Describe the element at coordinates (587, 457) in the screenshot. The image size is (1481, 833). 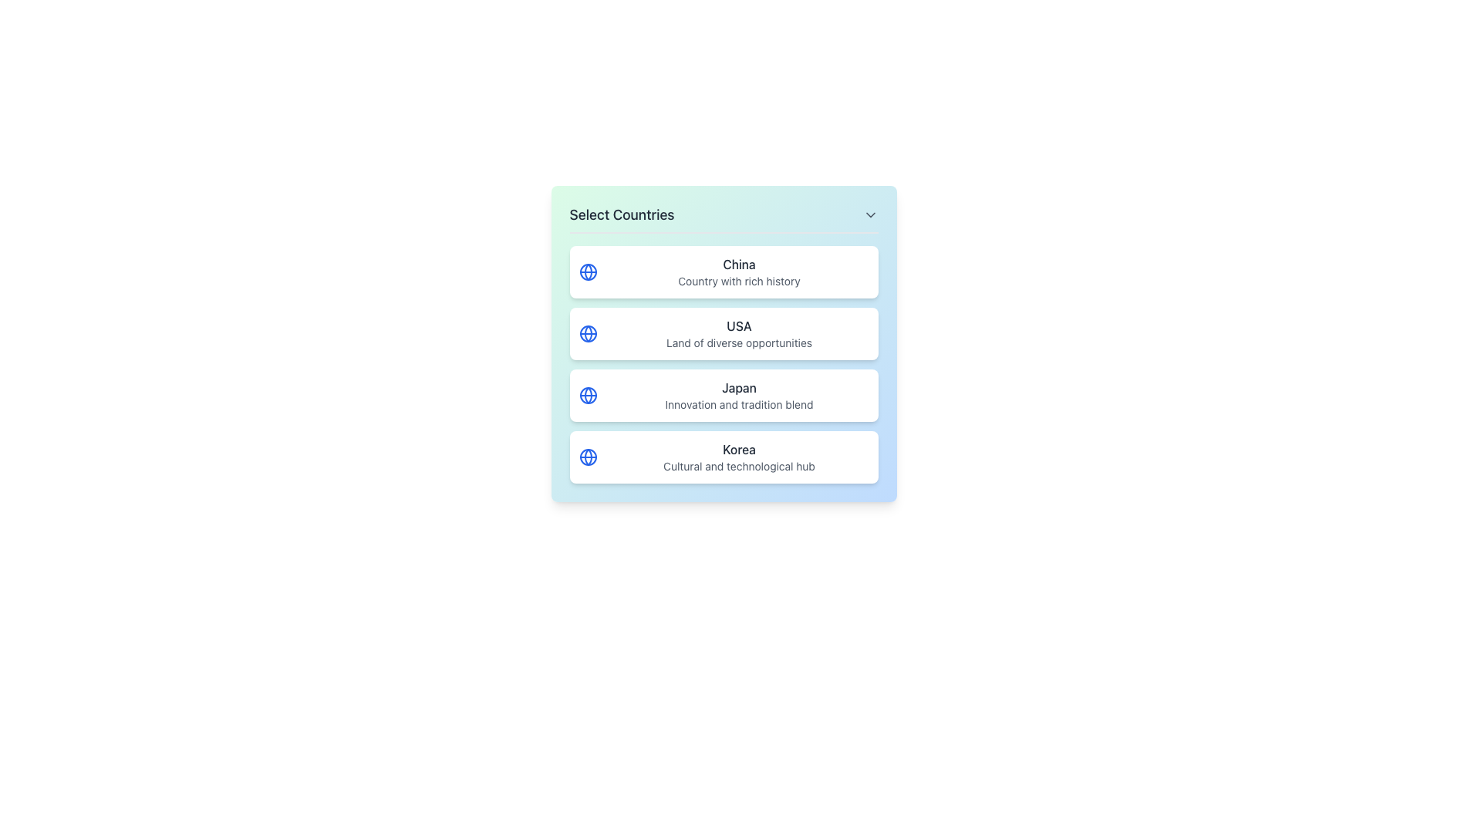
I see `the blue globe icon representing the 'Korea' option in the list, located to the left of the text 'Korea'` at that location.